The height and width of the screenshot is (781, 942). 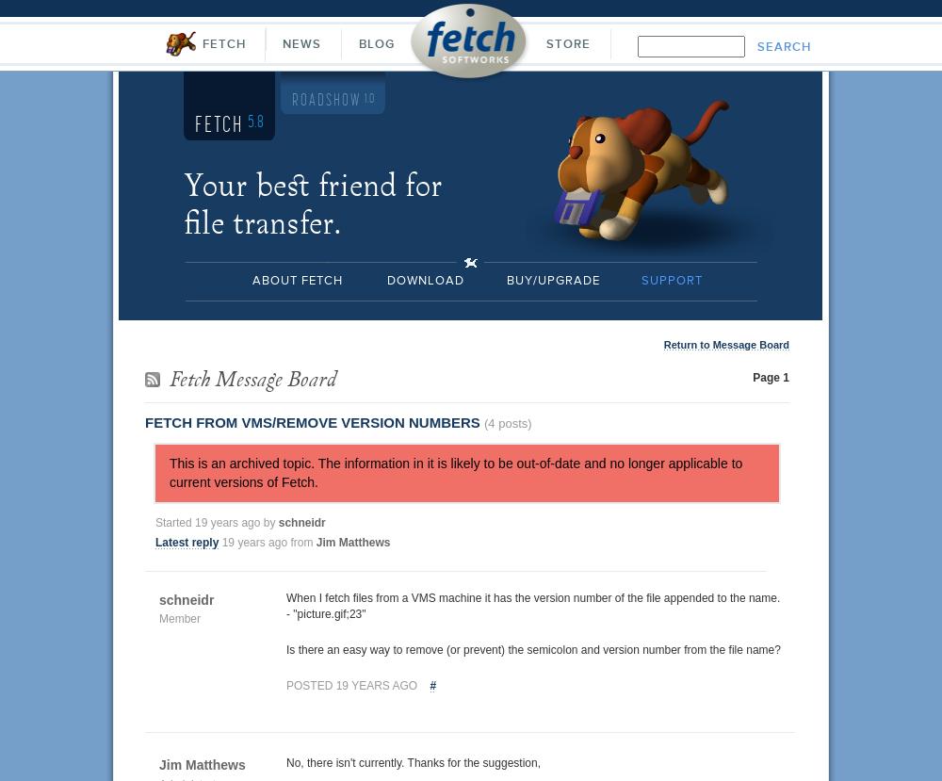 What do you see at coordinates (552, 280) in the screenshot?
I see `'Buy/Upgrade'` at bounding box center [552, 280].